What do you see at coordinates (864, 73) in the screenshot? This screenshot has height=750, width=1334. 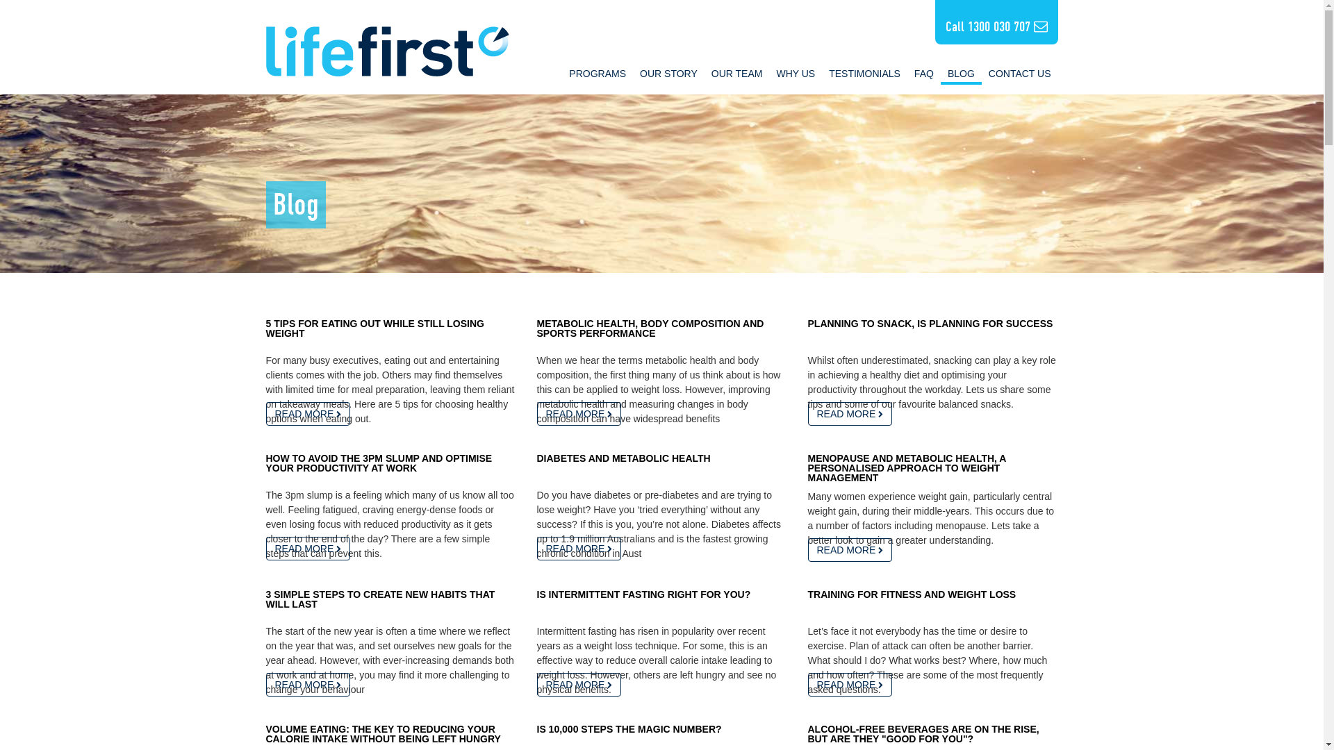 I see `'TESTIMONIALS'` at bounding box center [864, 73].